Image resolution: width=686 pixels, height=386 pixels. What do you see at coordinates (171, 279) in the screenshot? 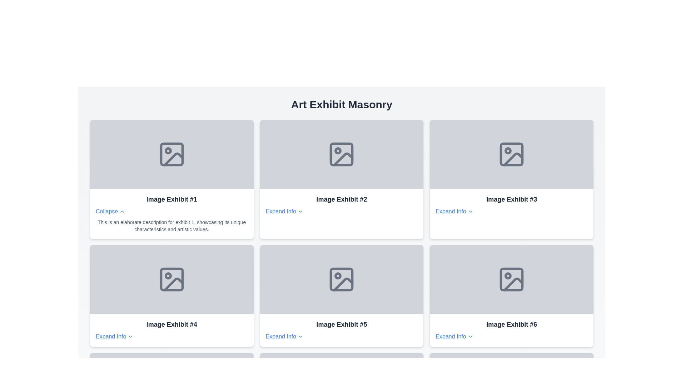
I see `the icon that serves as a visual representation for an image, located in the fourth tile of the grid layout` at bounding box center [171, 279].